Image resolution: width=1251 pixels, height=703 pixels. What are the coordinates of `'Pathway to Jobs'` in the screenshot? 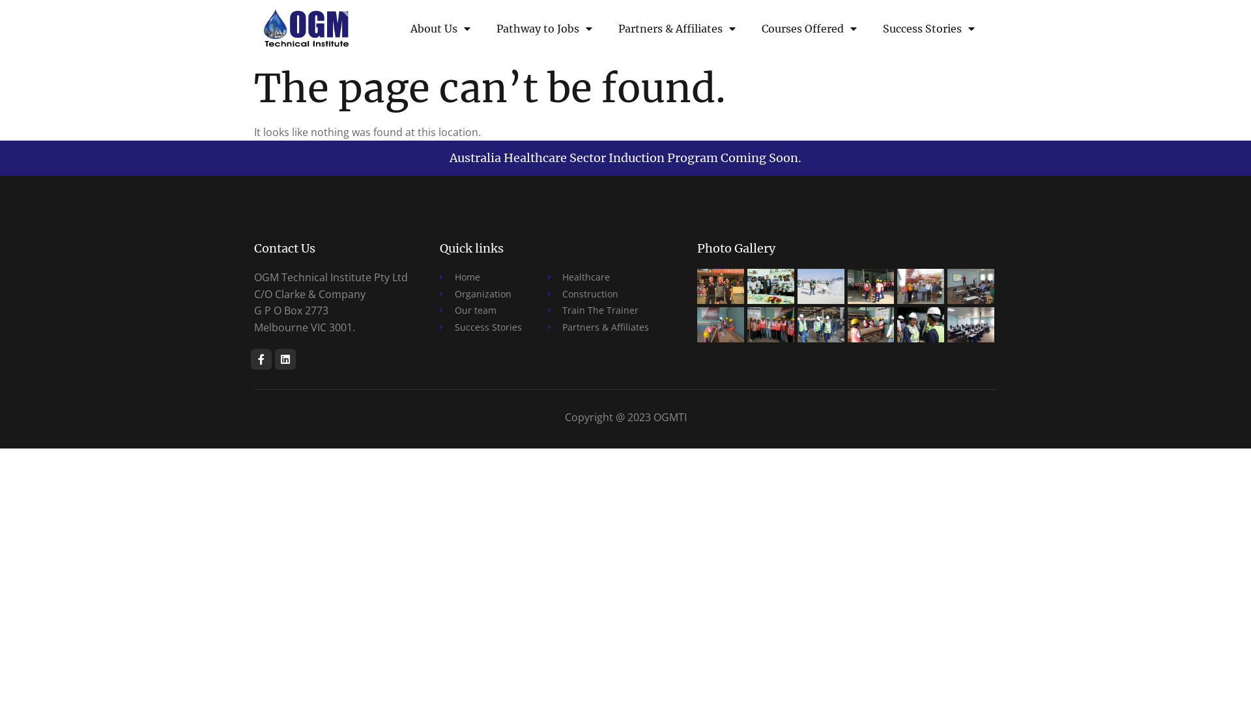 It's located at (544, 29).